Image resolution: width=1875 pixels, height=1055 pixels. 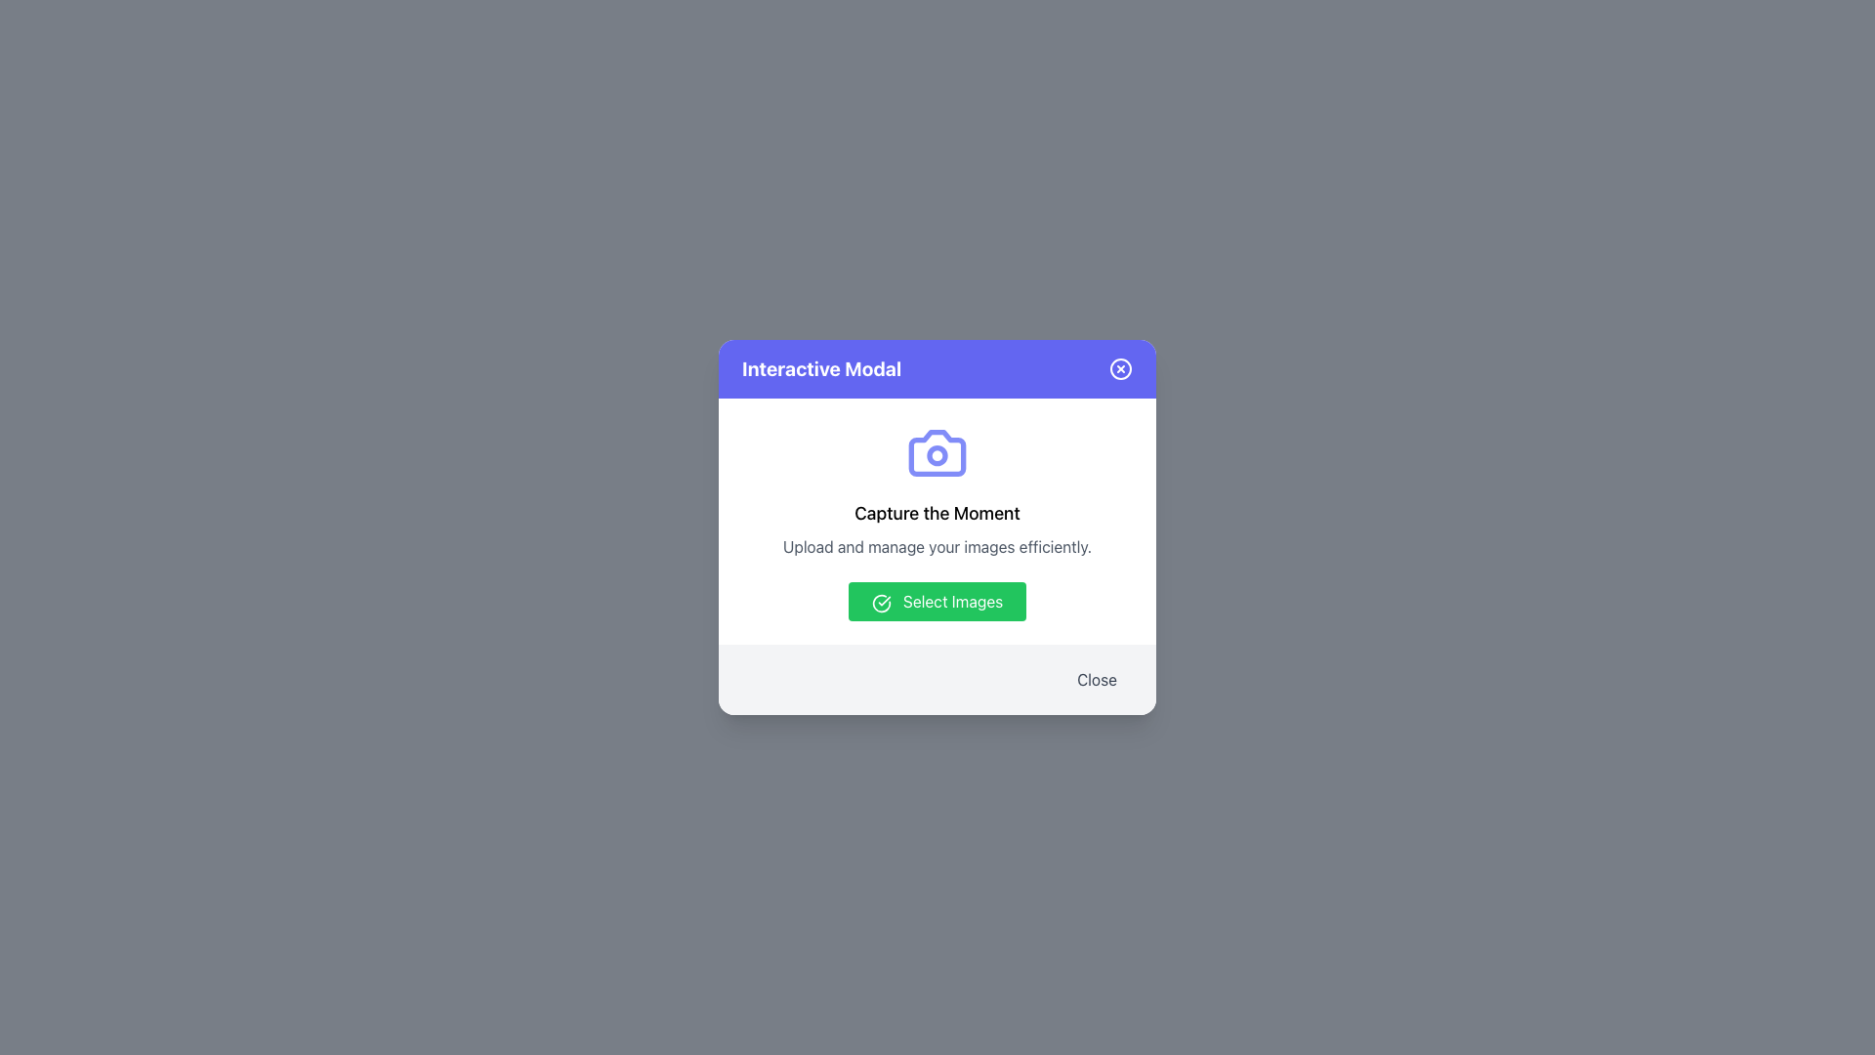 What do you see at coordinates (937, 601) in the screenshot?
I see `the button located under the title 'Capture the Moment' and description 'Upload and manage your images efficiently'` at bounding box center [937, 601].